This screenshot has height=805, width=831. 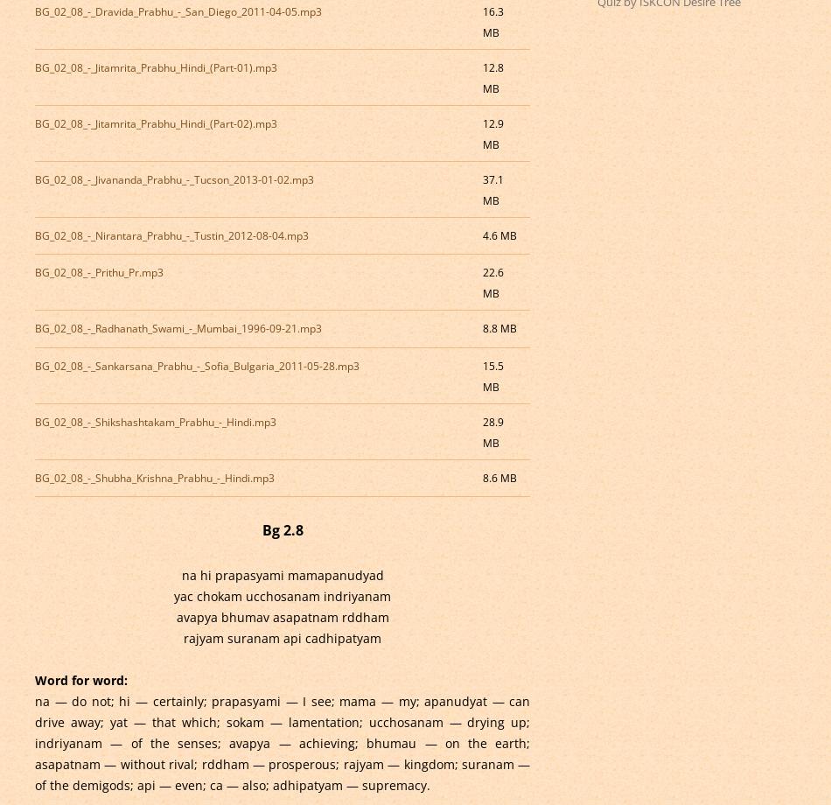 What do you see at coordinates (34, 327) in the screenshot?
I see `'BG_02_08_-_Radhanath_Swami_-_Mumbai_1996-09-21.mp3'` at bounding box center [34, 327].